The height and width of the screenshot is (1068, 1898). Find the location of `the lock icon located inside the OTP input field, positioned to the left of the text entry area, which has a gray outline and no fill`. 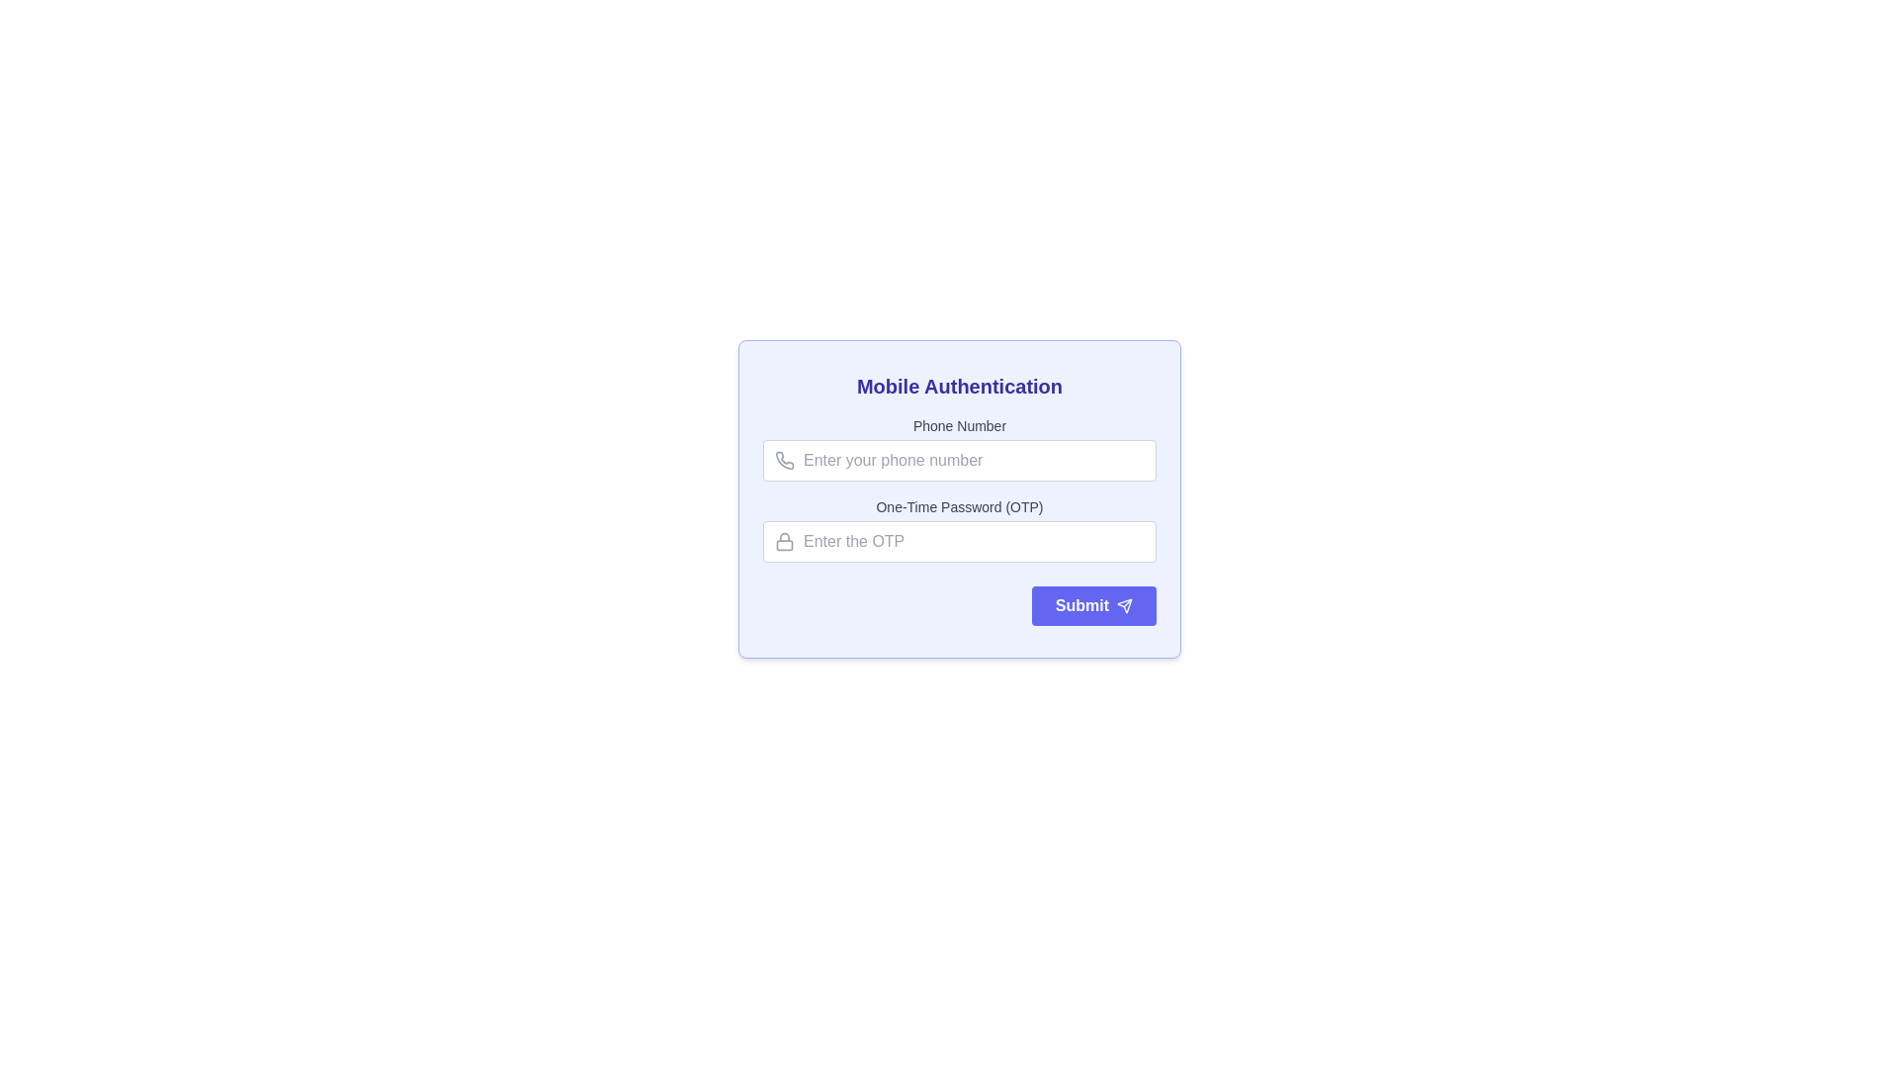

the lock icon located inside the OTP input field, positioned to the left of the text entry area, which has a gray outline and no fill is located at coordinates (783, 541).